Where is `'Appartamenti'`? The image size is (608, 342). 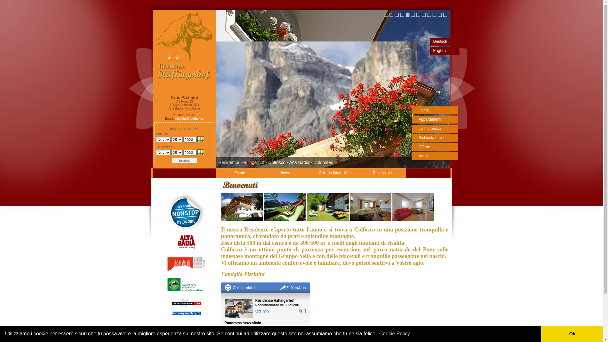
'Appartamenti' is located at coordinates (435, 119).